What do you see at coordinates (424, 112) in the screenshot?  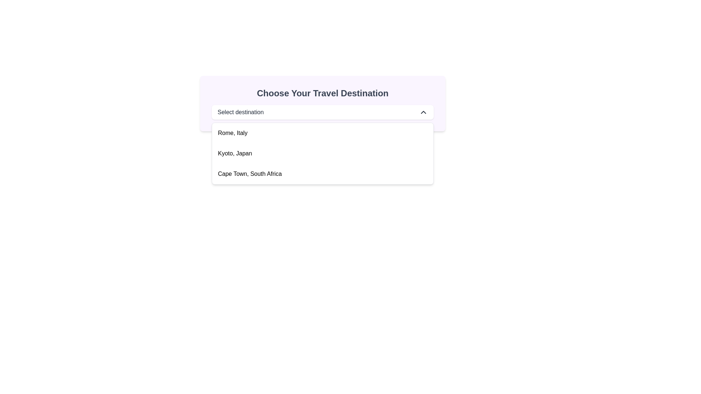 I see `the icon that collapses the dropdown menu for 'Select destination'` at bounding box center [424, 112].